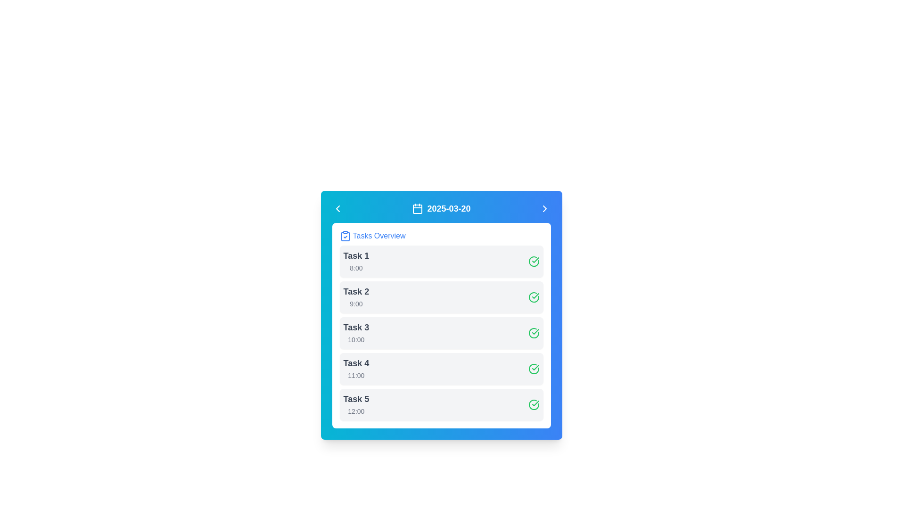  Describe the element at coordinates (534, 369) in the screenshot. I see `the checkmark icon indicating the completion status of 'Task 4', which is located on the far right side of the task row` at that location.